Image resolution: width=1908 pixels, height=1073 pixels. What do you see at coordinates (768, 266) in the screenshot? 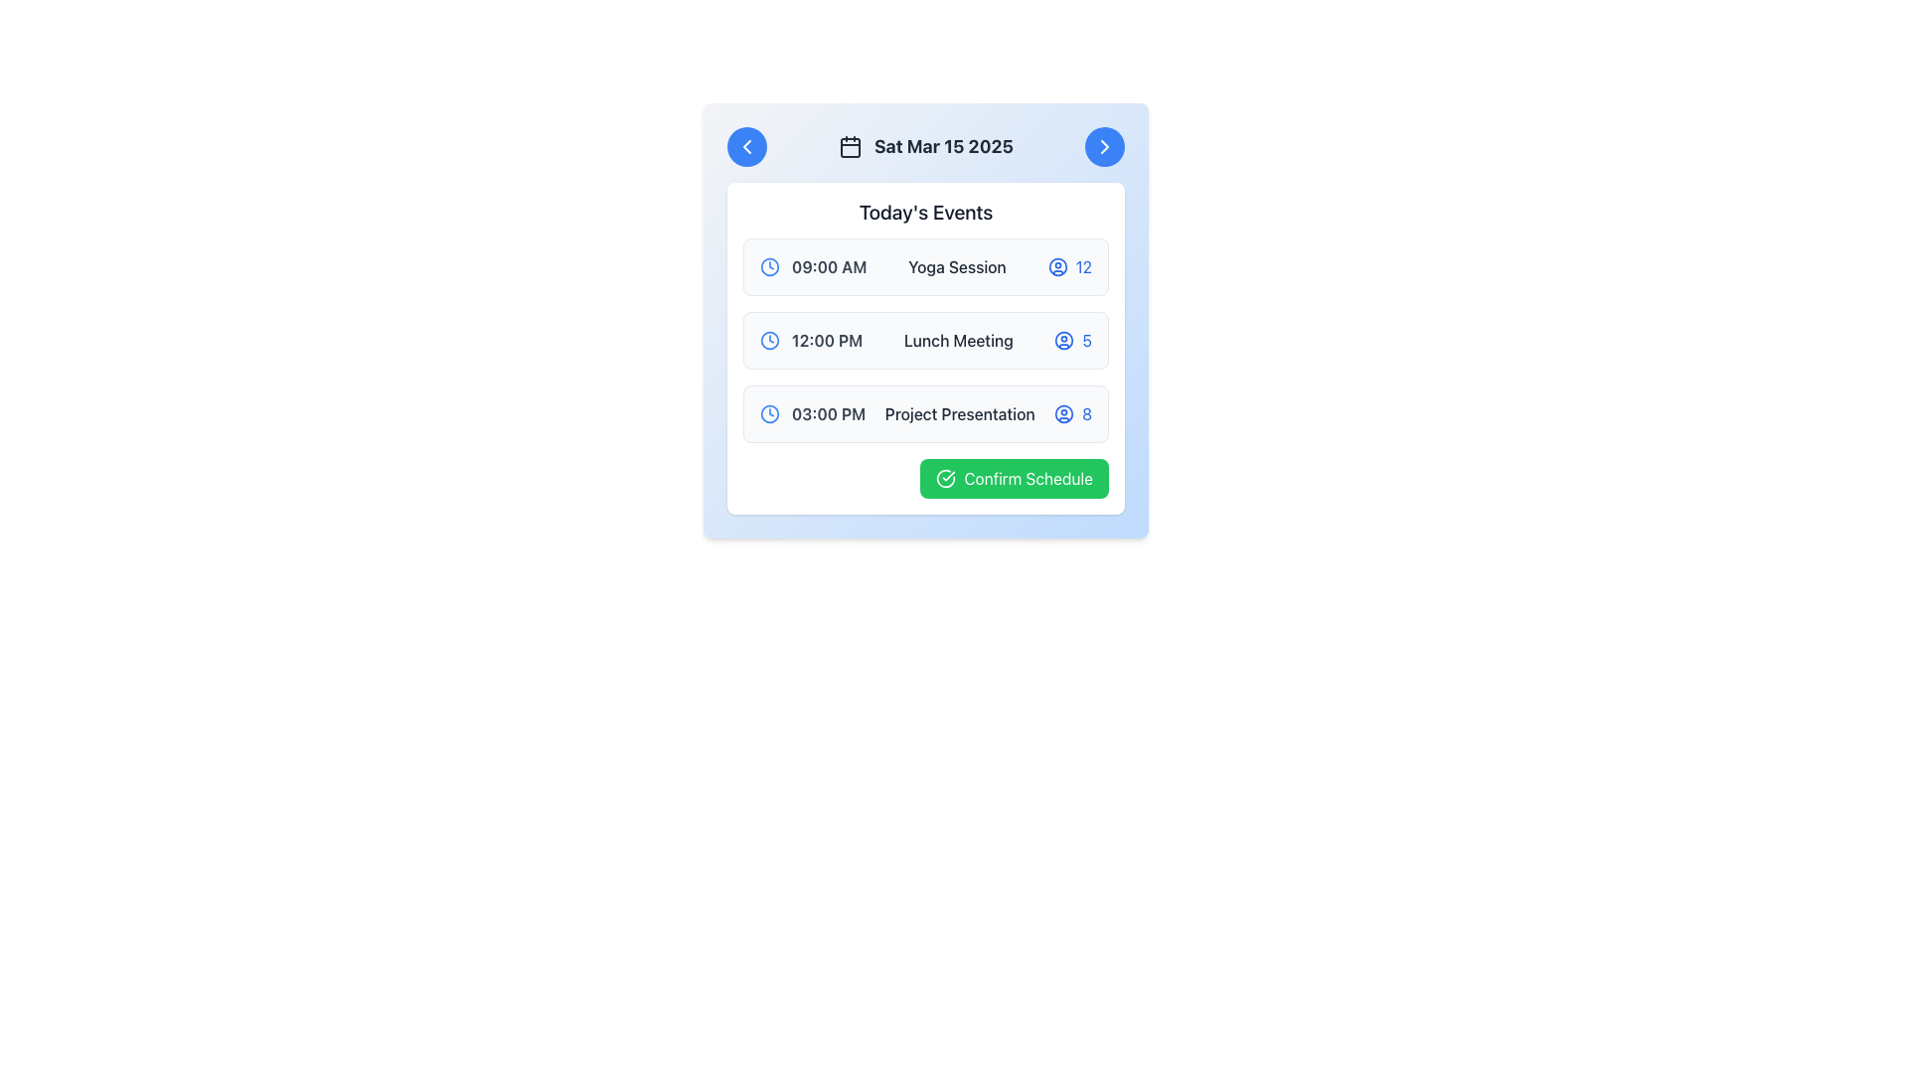
I see `the clock icon adjacent to the text '09:00 AM' within the first event entry of the displayed schedule` at bounding box center [768, 266].